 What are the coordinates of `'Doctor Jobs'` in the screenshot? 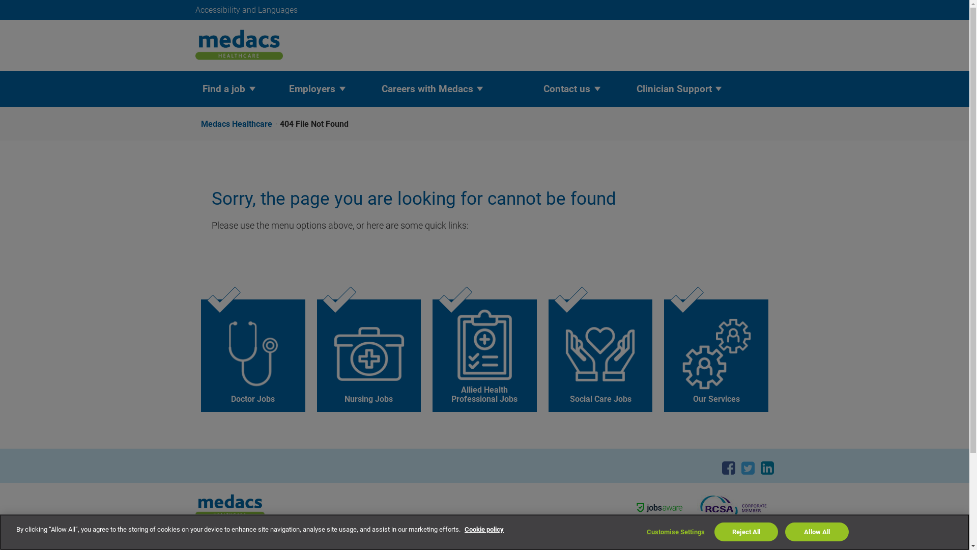 It's located at (253, 355).